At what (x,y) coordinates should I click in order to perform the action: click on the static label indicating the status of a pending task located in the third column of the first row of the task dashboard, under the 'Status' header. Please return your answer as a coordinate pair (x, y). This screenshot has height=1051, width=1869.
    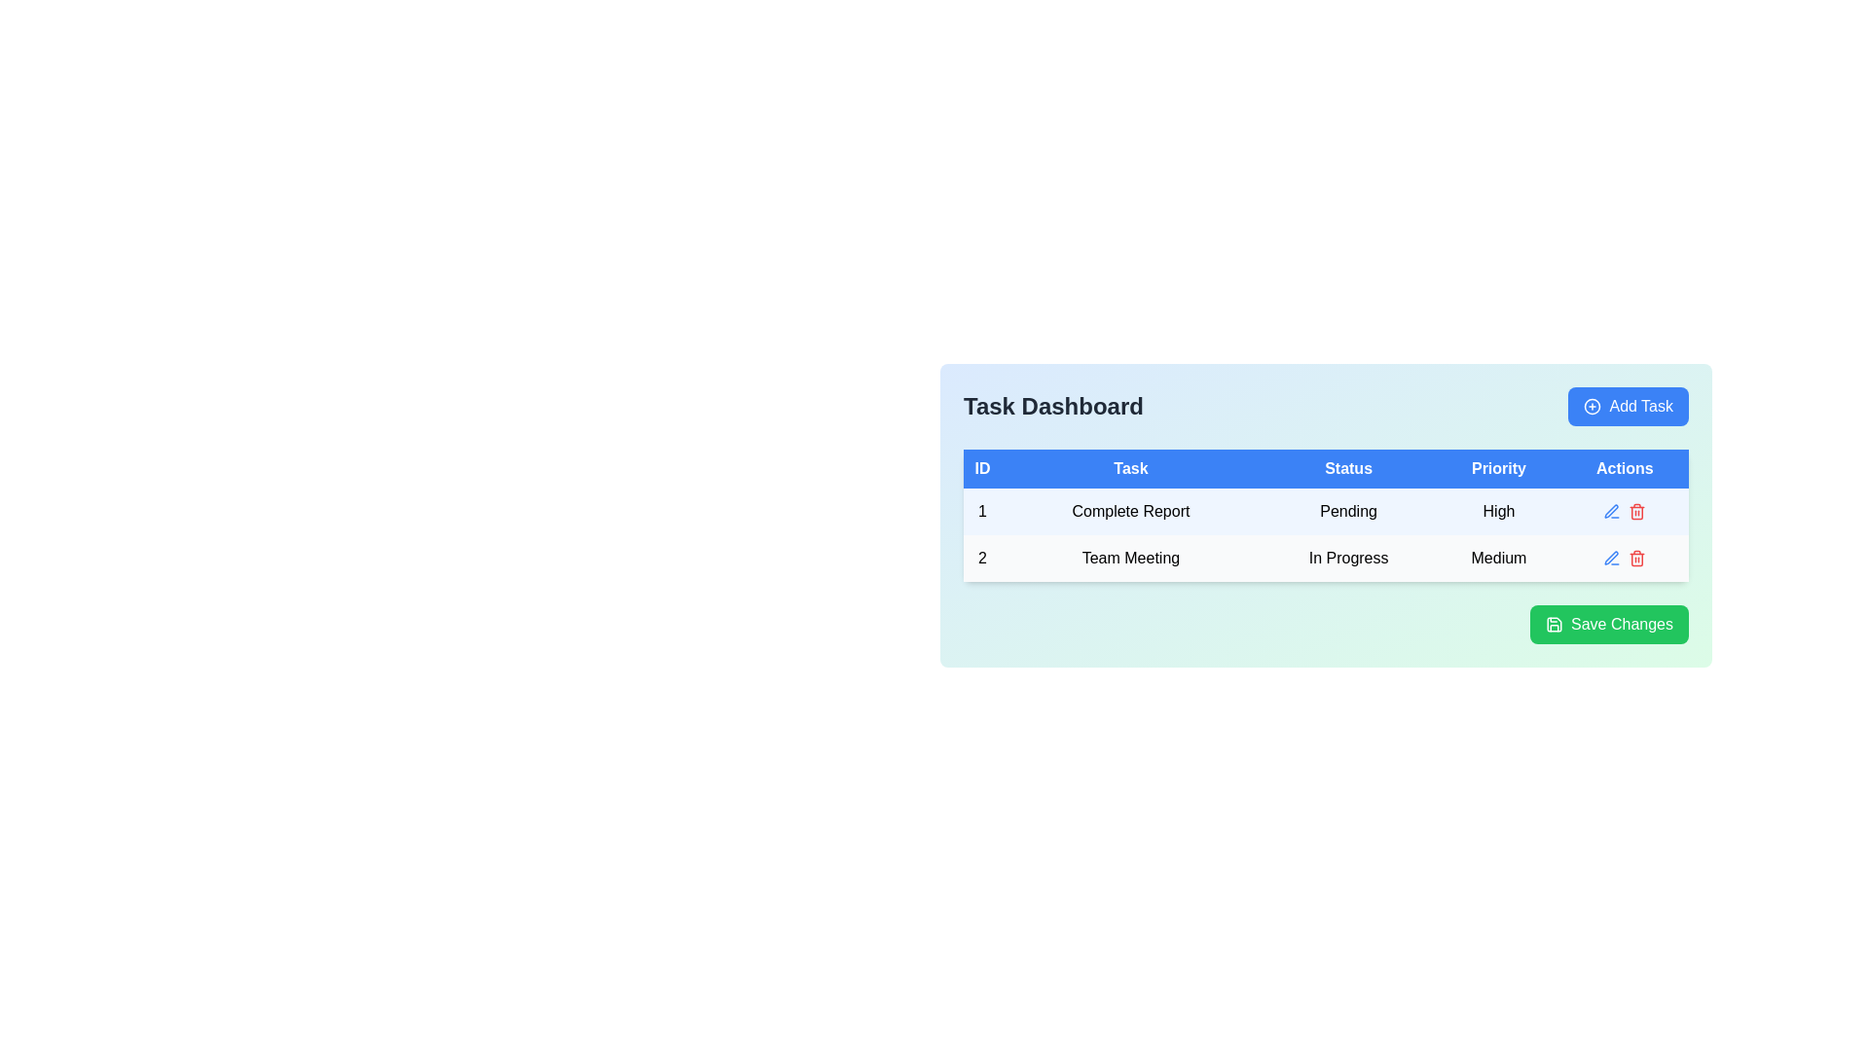
    Looking at the image, I should click on (1347, 510).